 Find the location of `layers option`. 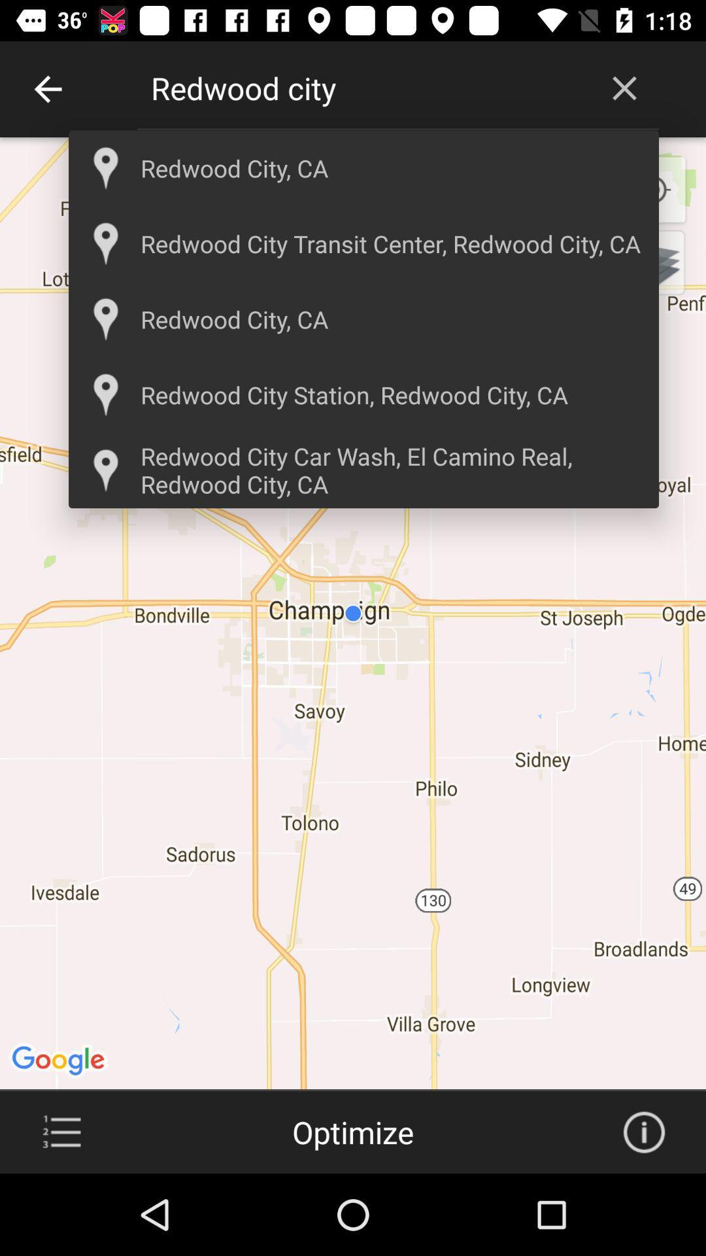

layers option is located at coordinates (652, 262).